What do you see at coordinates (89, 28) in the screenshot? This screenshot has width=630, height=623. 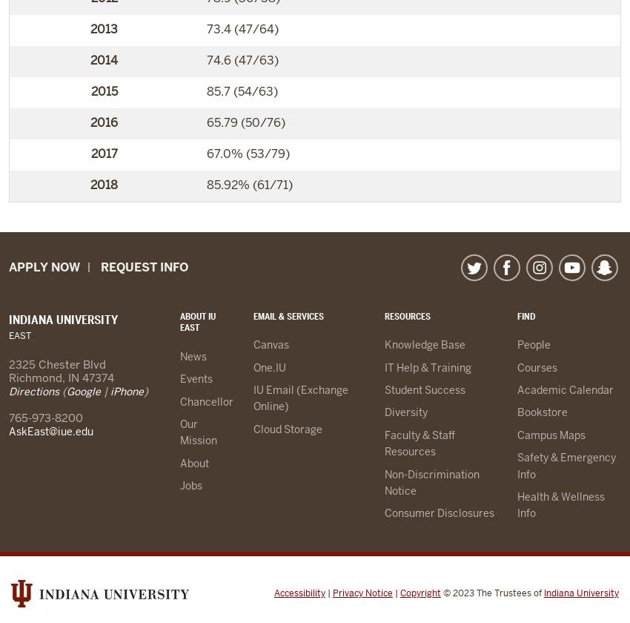 I see `'2013'` at bounding box center [89, 28].